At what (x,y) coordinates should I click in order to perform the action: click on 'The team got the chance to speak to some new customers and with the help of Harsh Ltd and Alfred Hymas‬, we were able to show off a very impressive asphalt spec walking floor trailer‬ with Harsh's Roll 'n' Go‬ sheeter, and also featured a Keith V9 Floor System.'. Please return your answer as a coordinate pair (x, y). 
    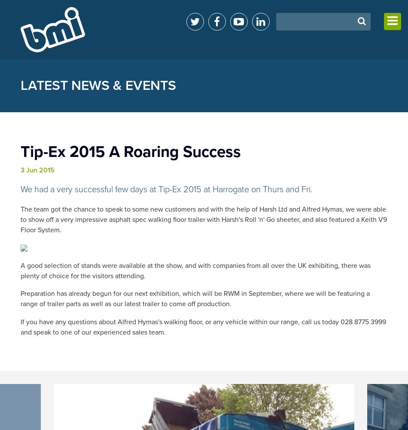
    Looking at the image, I should click on (203, 219).